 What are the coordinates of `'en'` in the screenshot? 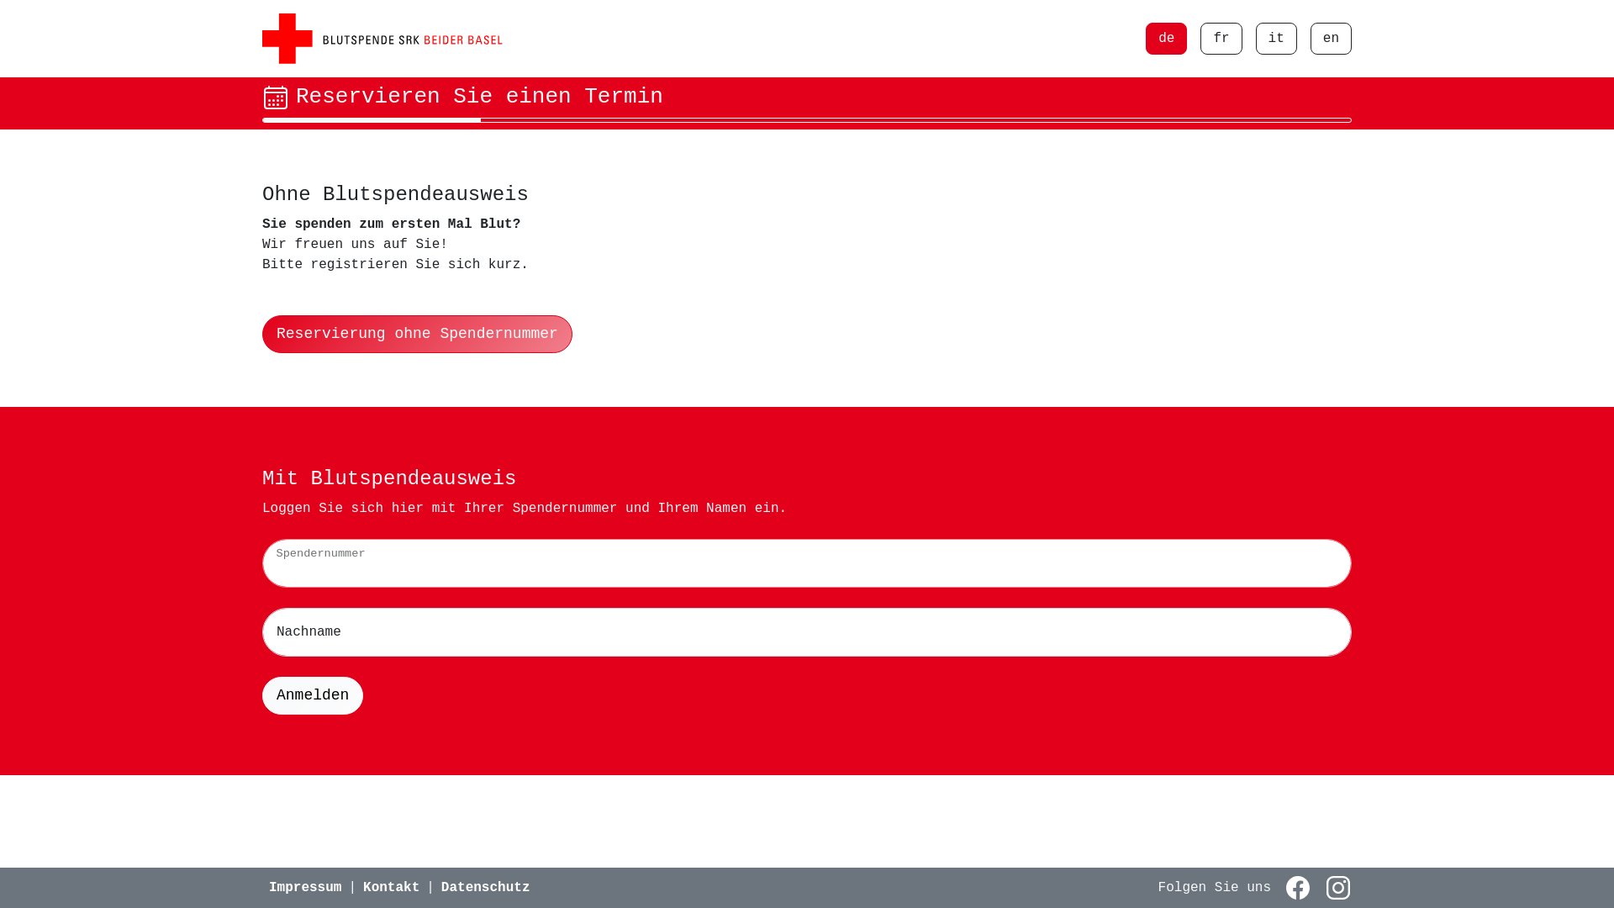 It's located at (1330, 38).